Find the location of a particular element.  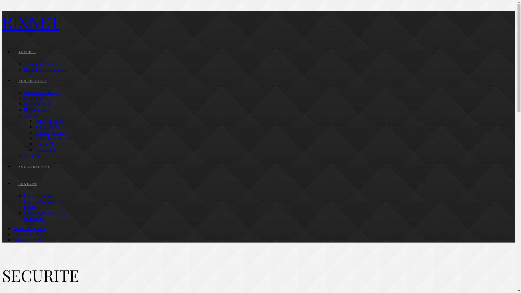

'Formulaire de contact' is located at coordinates (56, 138).